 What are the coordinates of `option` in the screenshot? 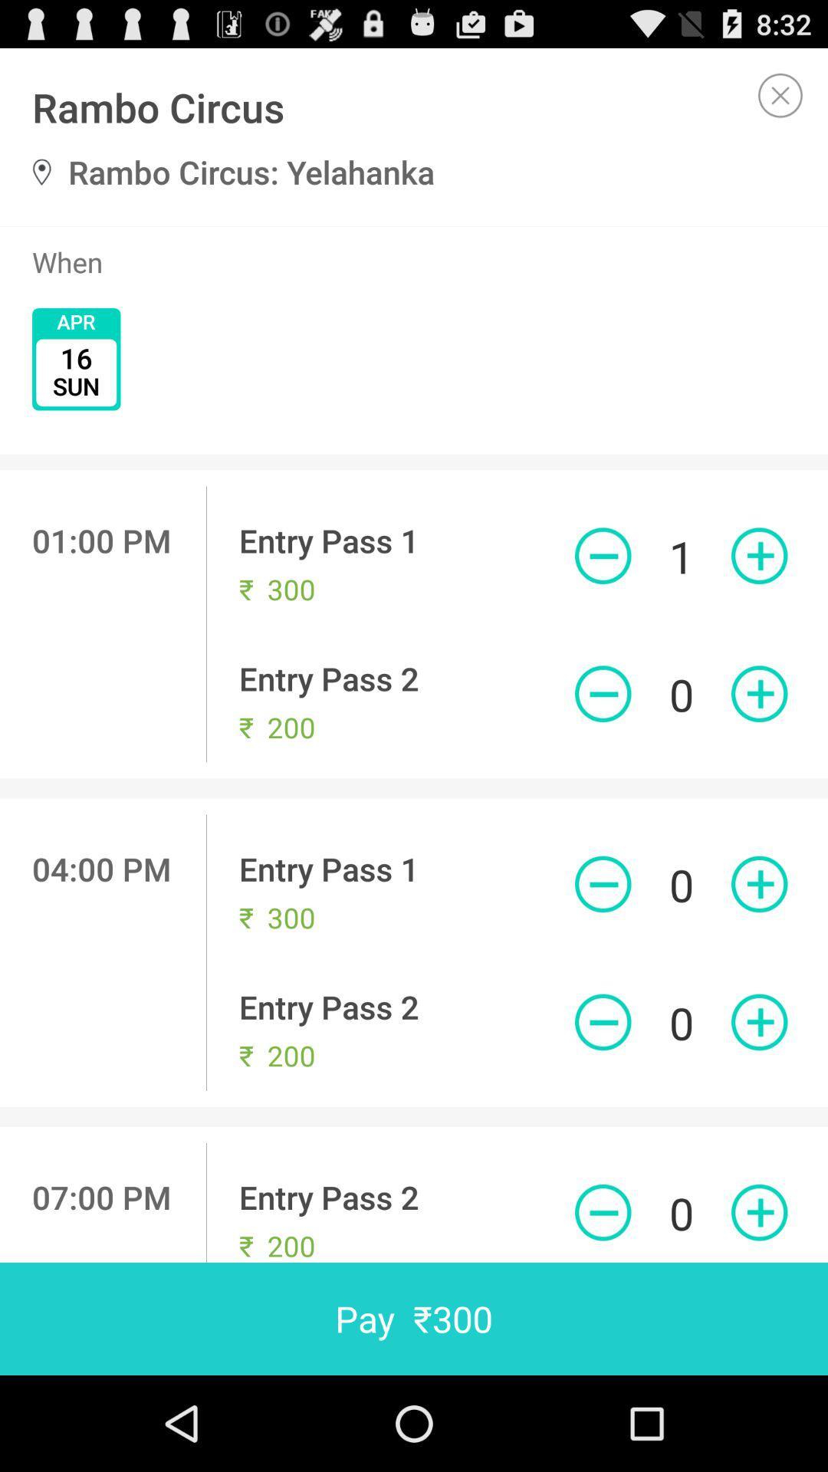 It's located at (780, 94).